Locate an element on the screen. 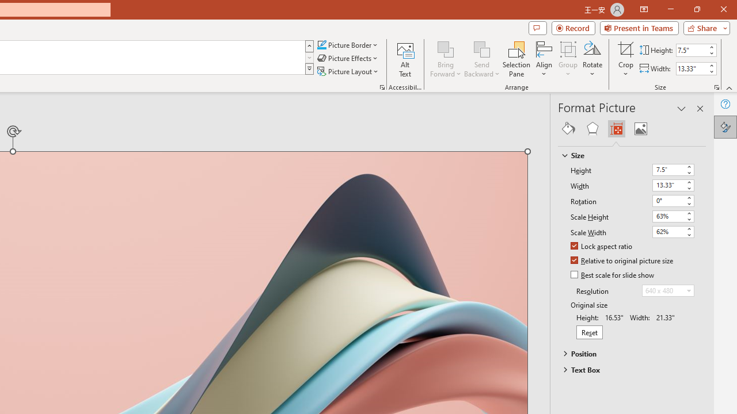 The height and width of the screenshot is (414, 737). 'Rotate' is located at coordinates (592, 59).